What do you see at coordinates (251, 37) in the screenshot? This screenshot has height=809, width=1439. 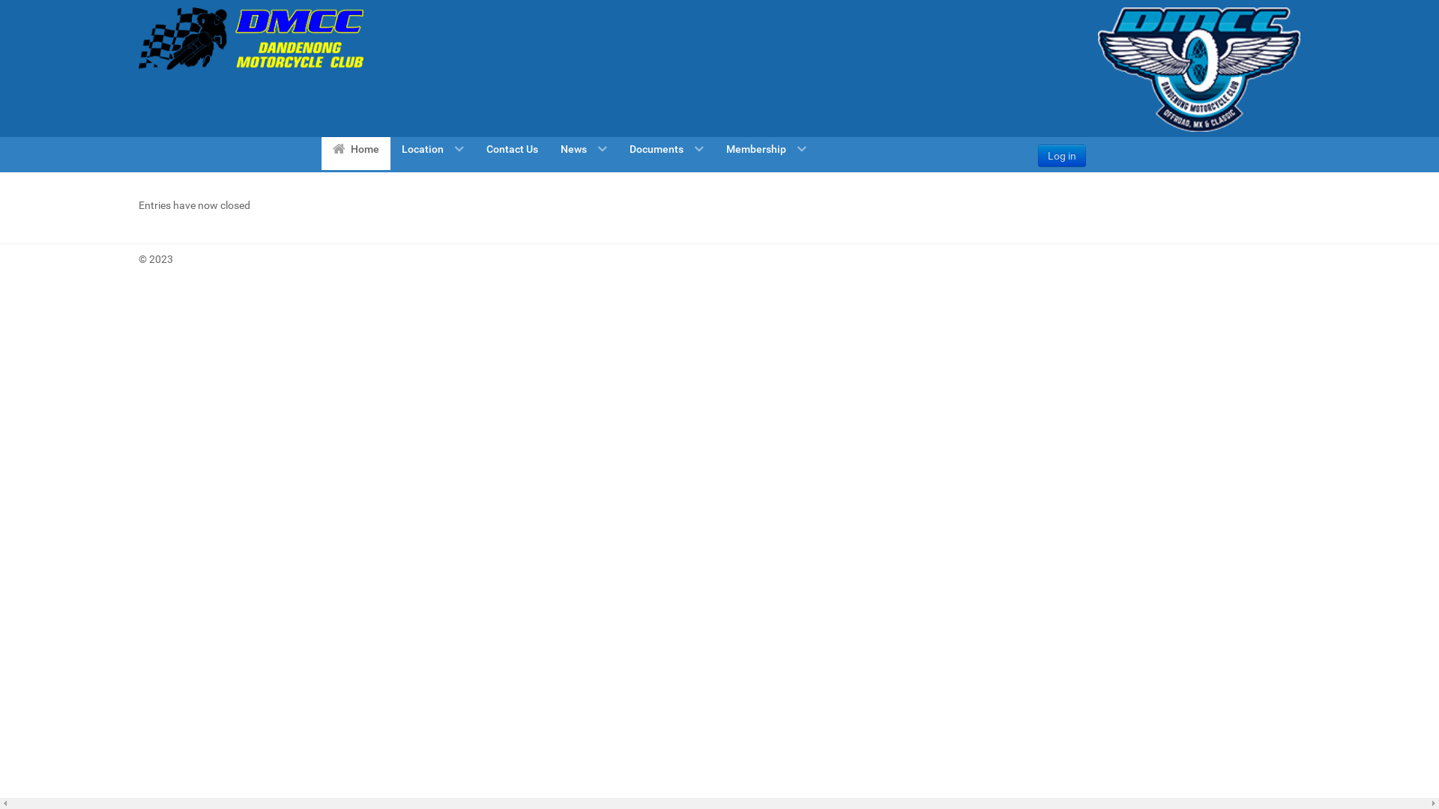 I see `'Gantry 5'` at bounding box center [251, 37].